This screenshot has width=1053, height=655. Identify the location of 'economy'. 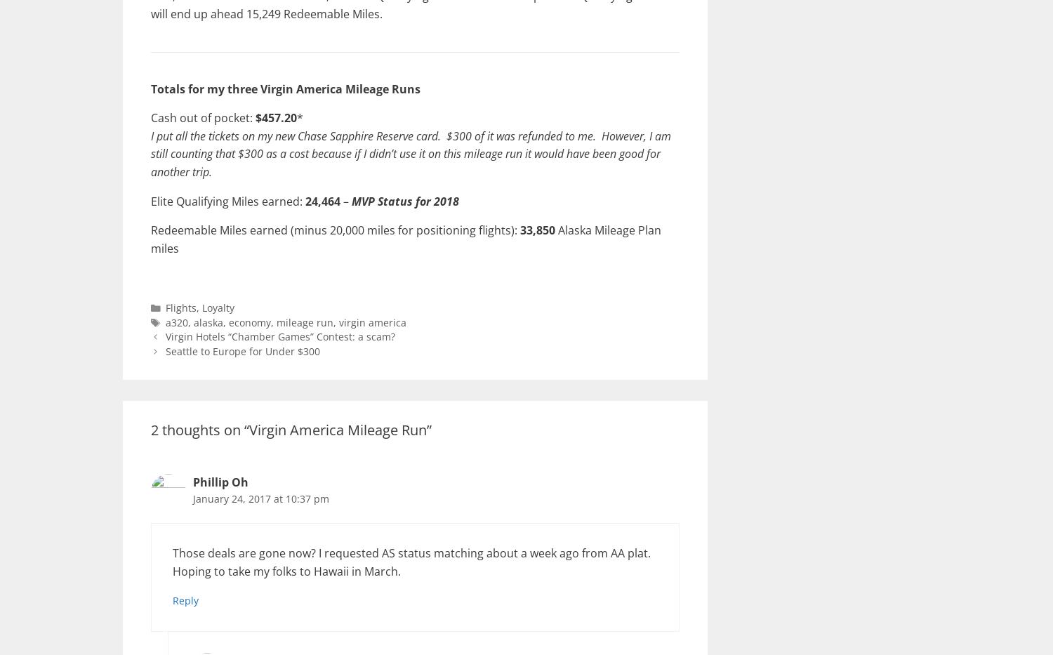
(249, 321).